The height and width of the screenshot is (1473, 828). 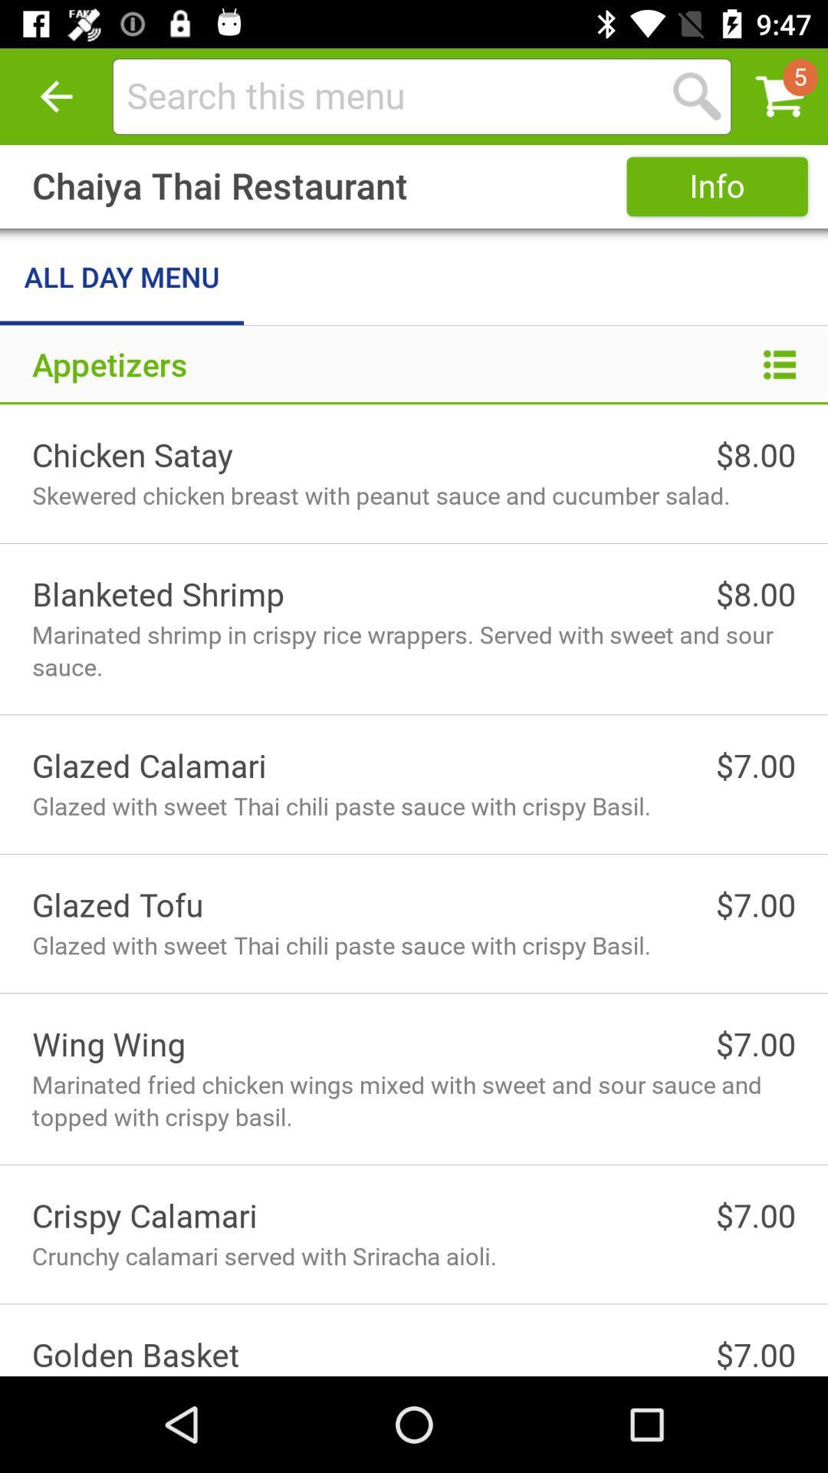 I want to click on icon above chaiya thai restaurant item, so click(x=55, y=95).